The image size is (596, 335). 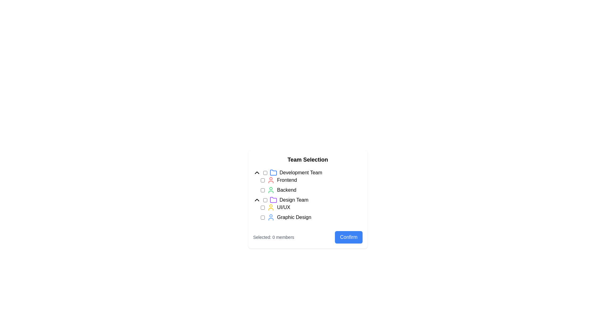 I want to click on the checkbox associated with the 'Frontend' option, so click(x=262, y=180).